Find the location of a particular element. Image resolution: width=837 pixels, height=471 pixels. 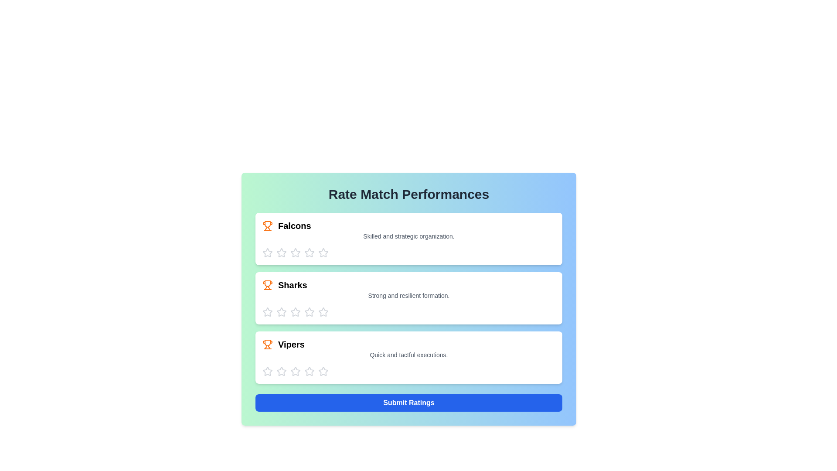

the Vipers team's 3 star to set the rating is located at coordinates (295, 372).